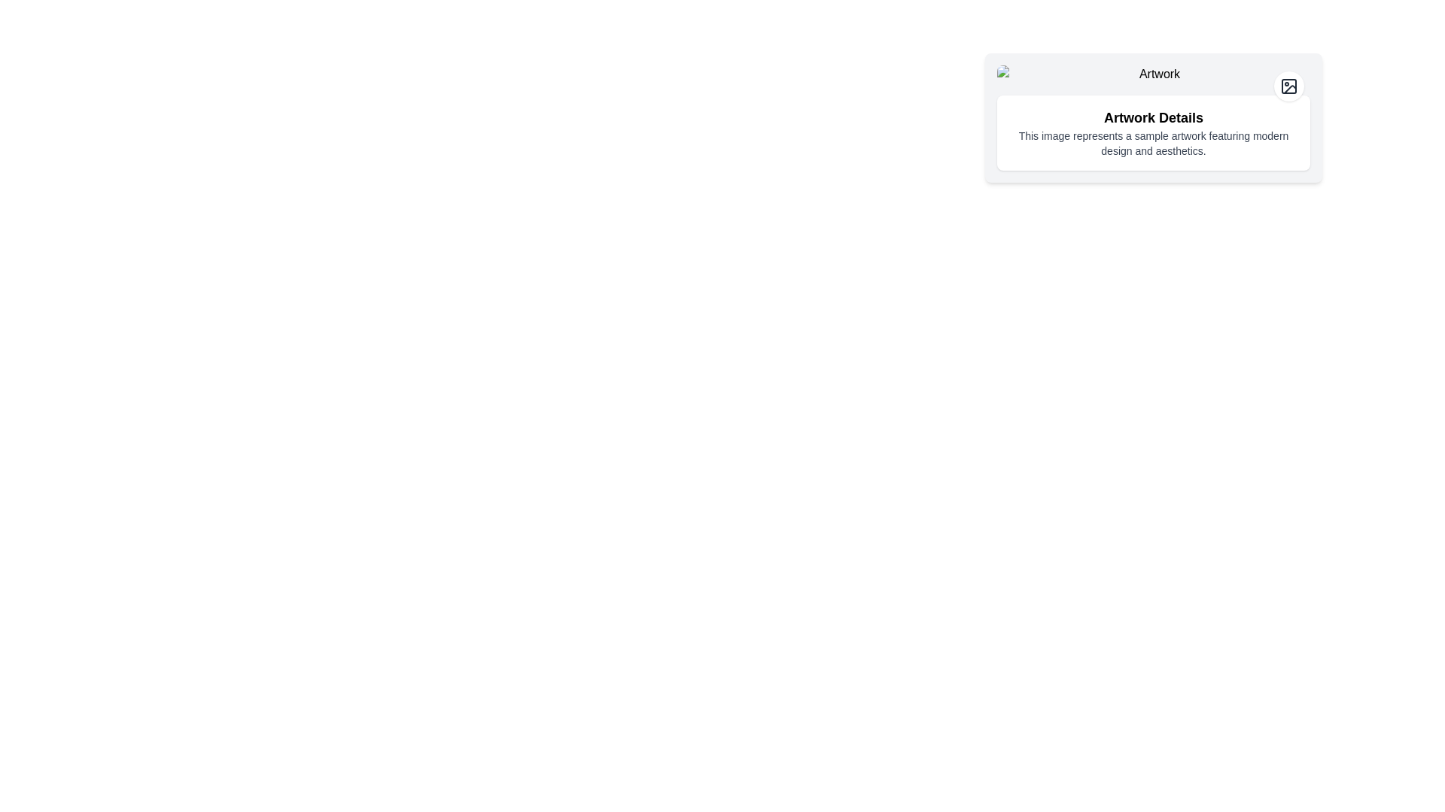  Describe the element at coordinates (1288, 86) in the screenshot. I see `the small square graphical icon with a black frame and white background, located at the top right corner of the 'Artwork' card` at that location.